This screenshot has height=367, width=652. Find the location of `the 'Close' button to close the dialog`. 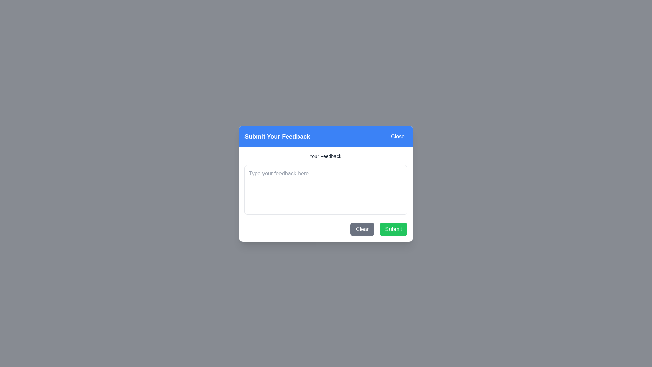

the 'Close' button to close the dialog is located at coordinates (398, 136).